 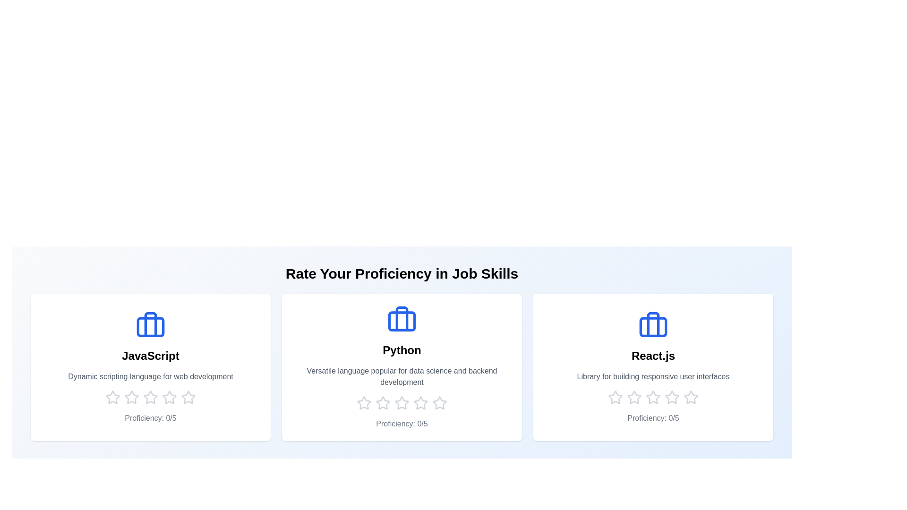 I want to click on the description text of the skill to read its details, so click(x=150, y=376).